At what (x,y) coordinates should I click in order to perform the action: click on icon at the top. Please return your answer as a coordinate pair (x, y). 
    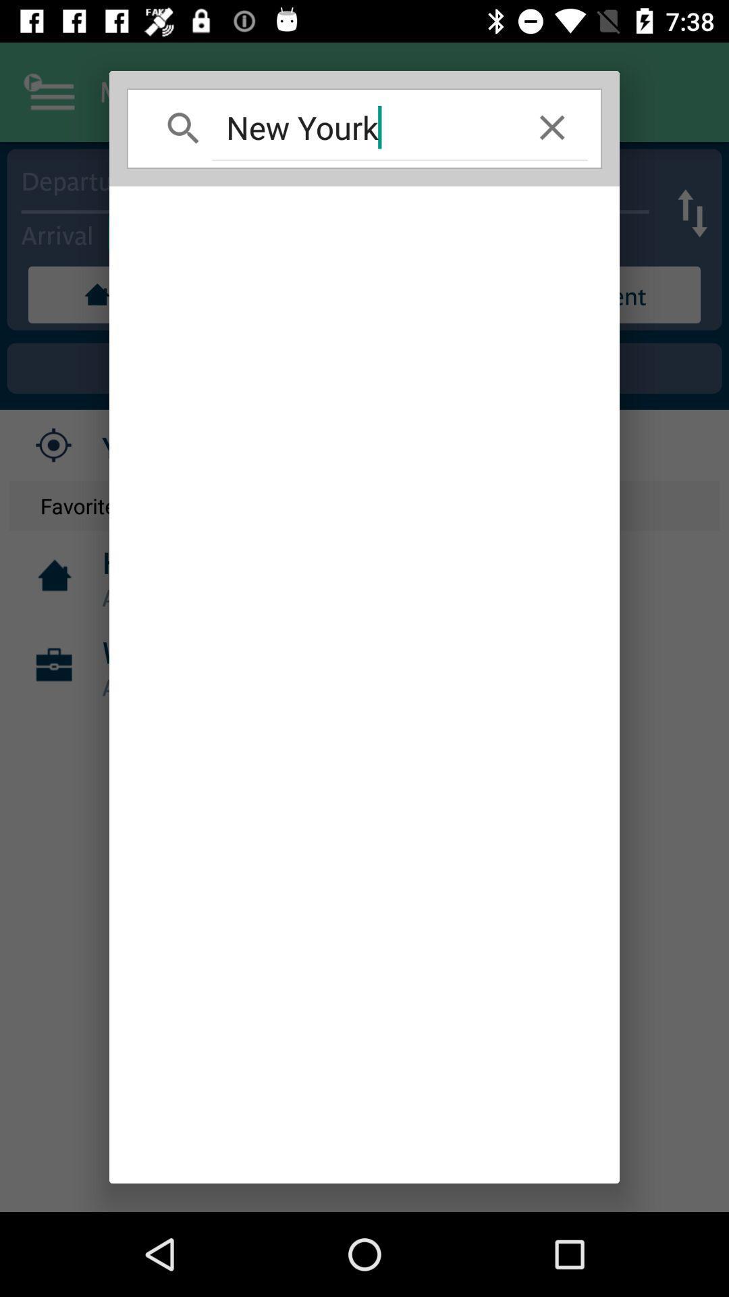
    Looking at the image, I should click on (364, 127).